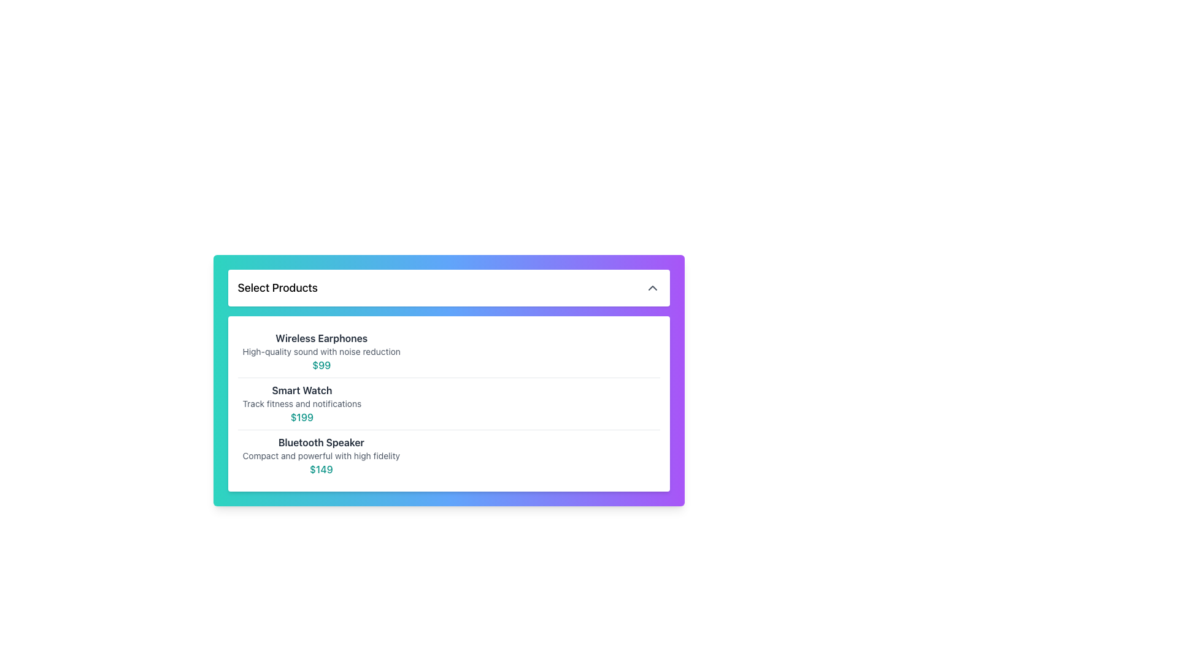  What do you see at coordinates (321, 352) in the screenshot?
I see `the first product entry in the selectable product list` at bounding box center [321, 352].